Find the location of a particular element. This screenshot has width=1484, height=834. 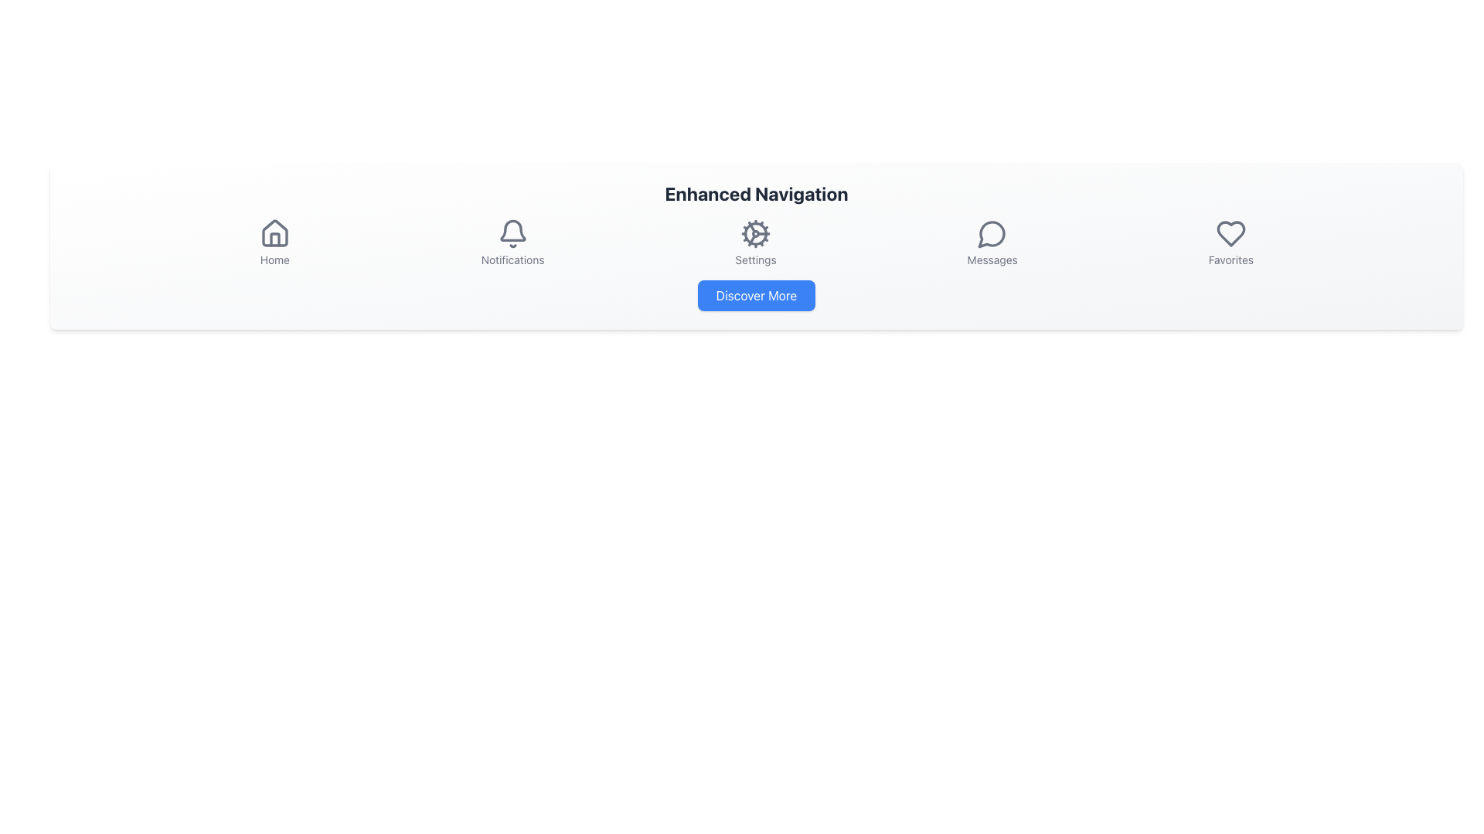

the 'Settings' cogwheel icon, which is located in the horizontal navigation bar between the 'Enhanced Navigation' text and the blue 'Discover More' button, to change its color is located at coordinates (756, 234).